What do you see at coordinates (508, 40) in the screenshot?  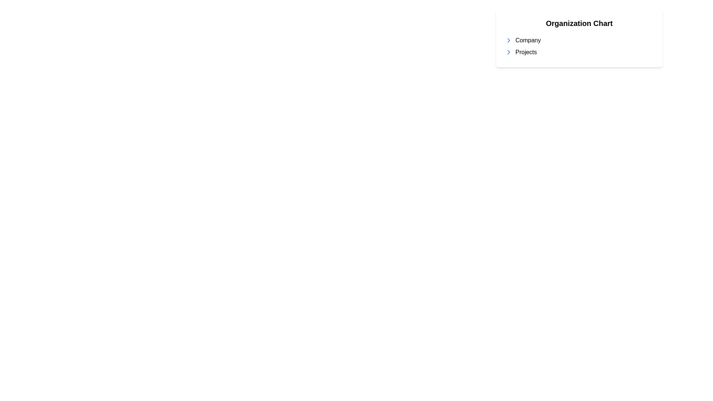 I see `the Icon (Chevron Right), a blue right-angled arrow icon positioned to the left of the text label 'Company'` at bounding box center [508, 40].